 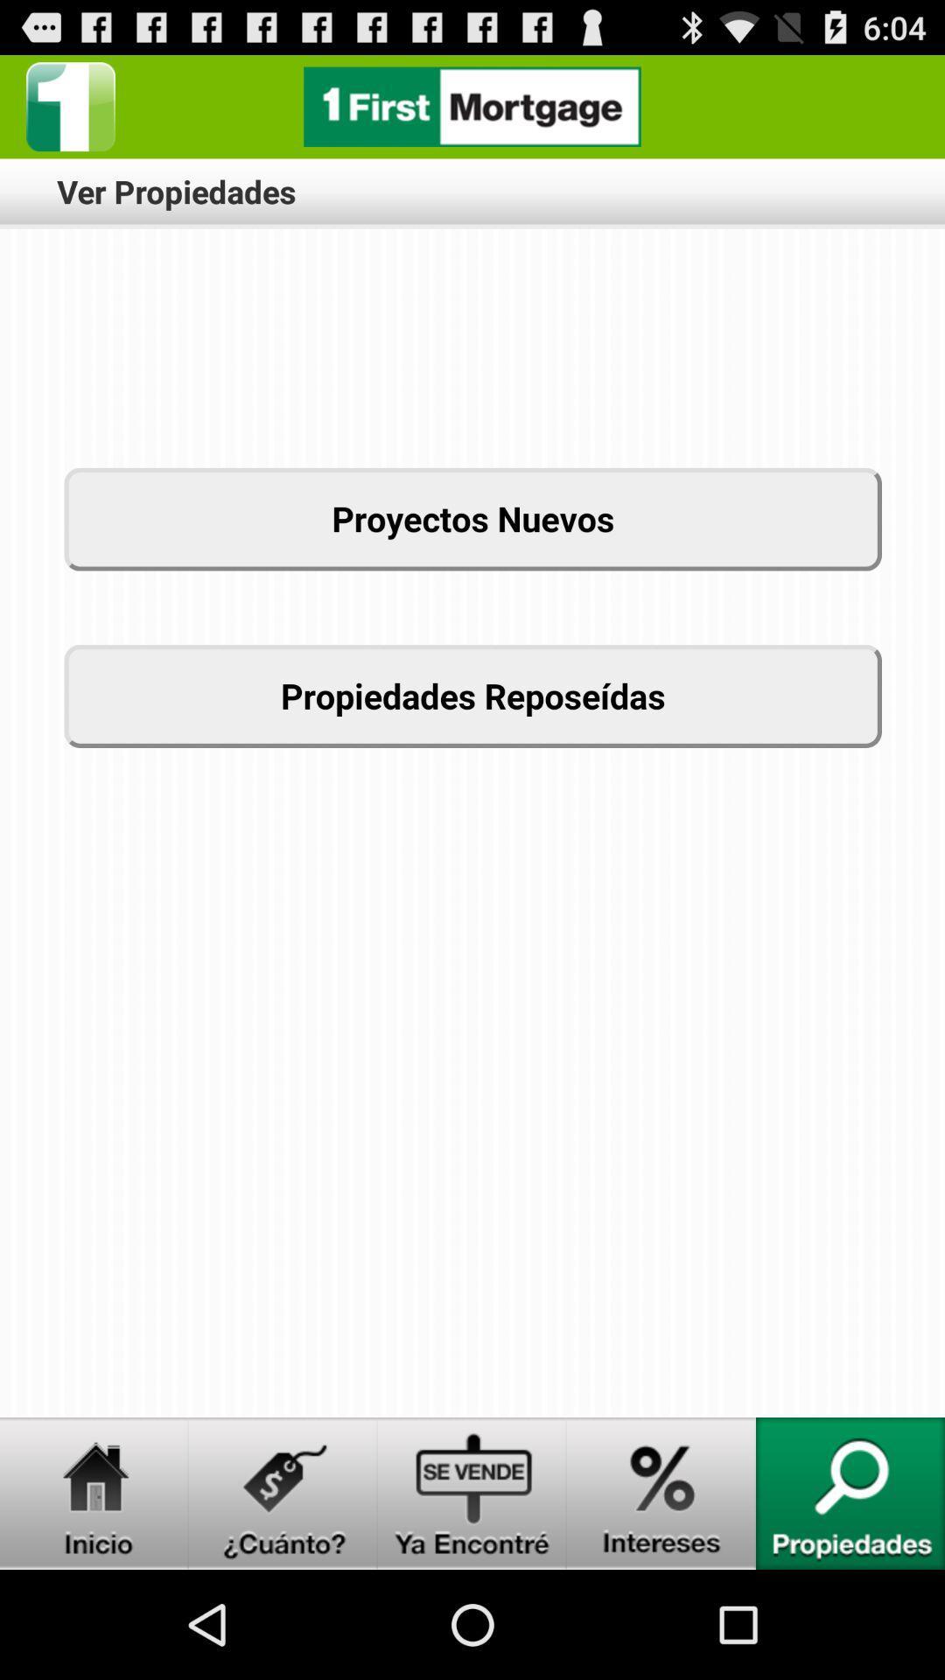 What do you see at coordinates (850, 1493) in the screenshot?
I see `search` at bounding box center [850, 1493].